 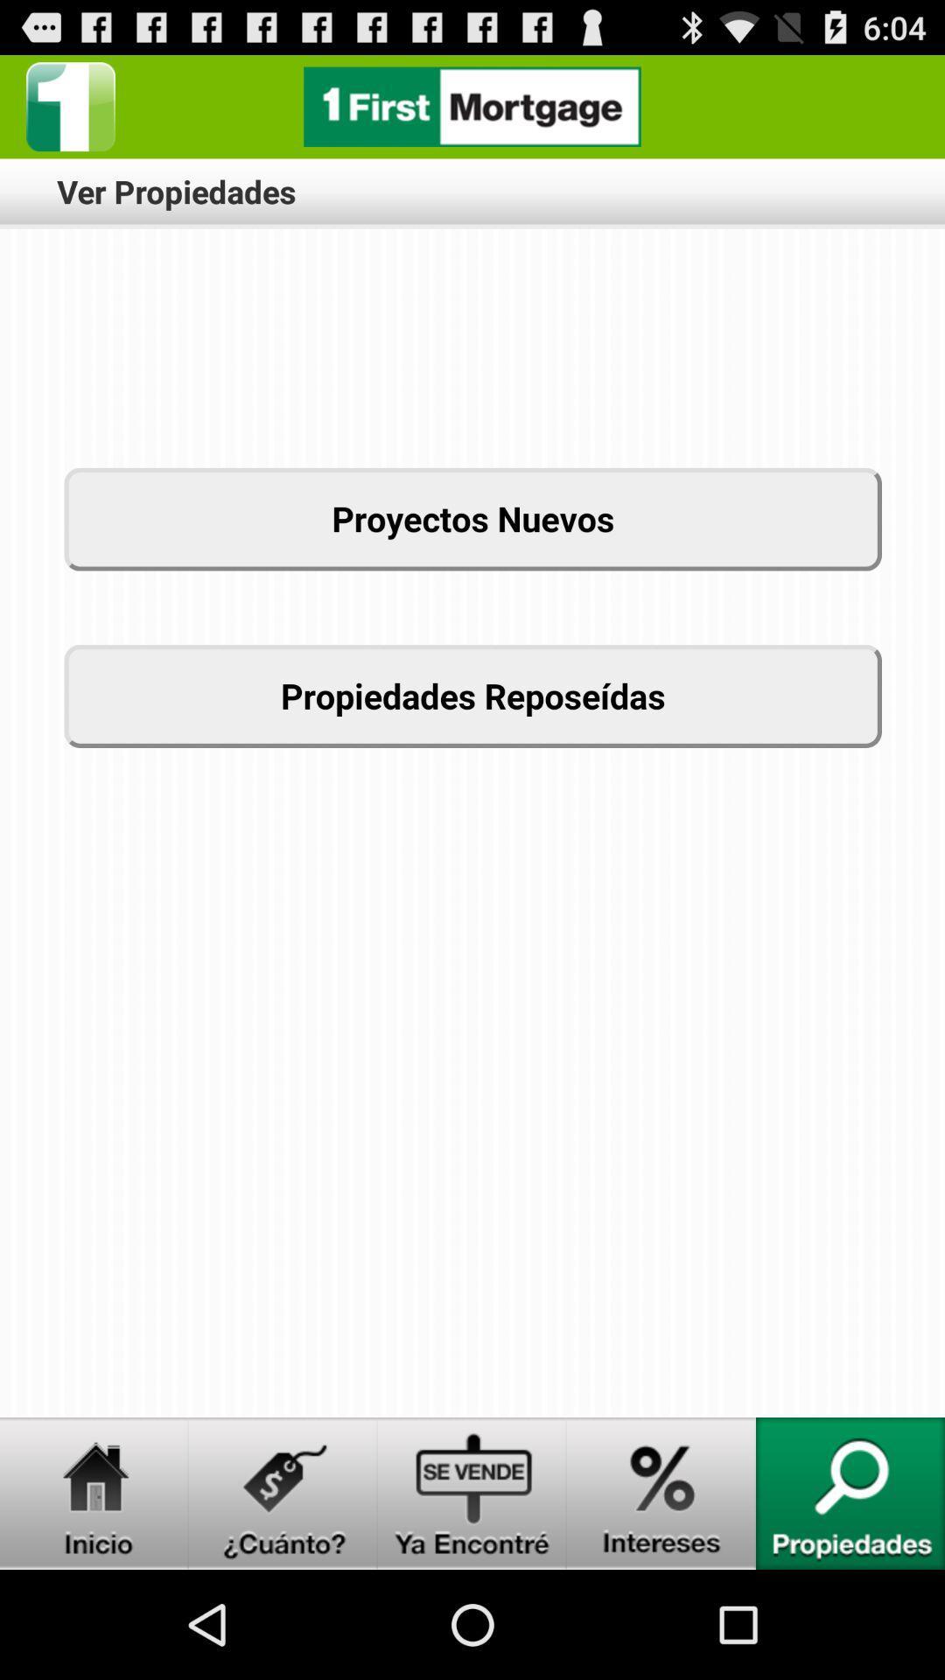 What do you see at coordinates (850, 1493) in the screenshot?
I see `search` at bounding box center [850, 1493].